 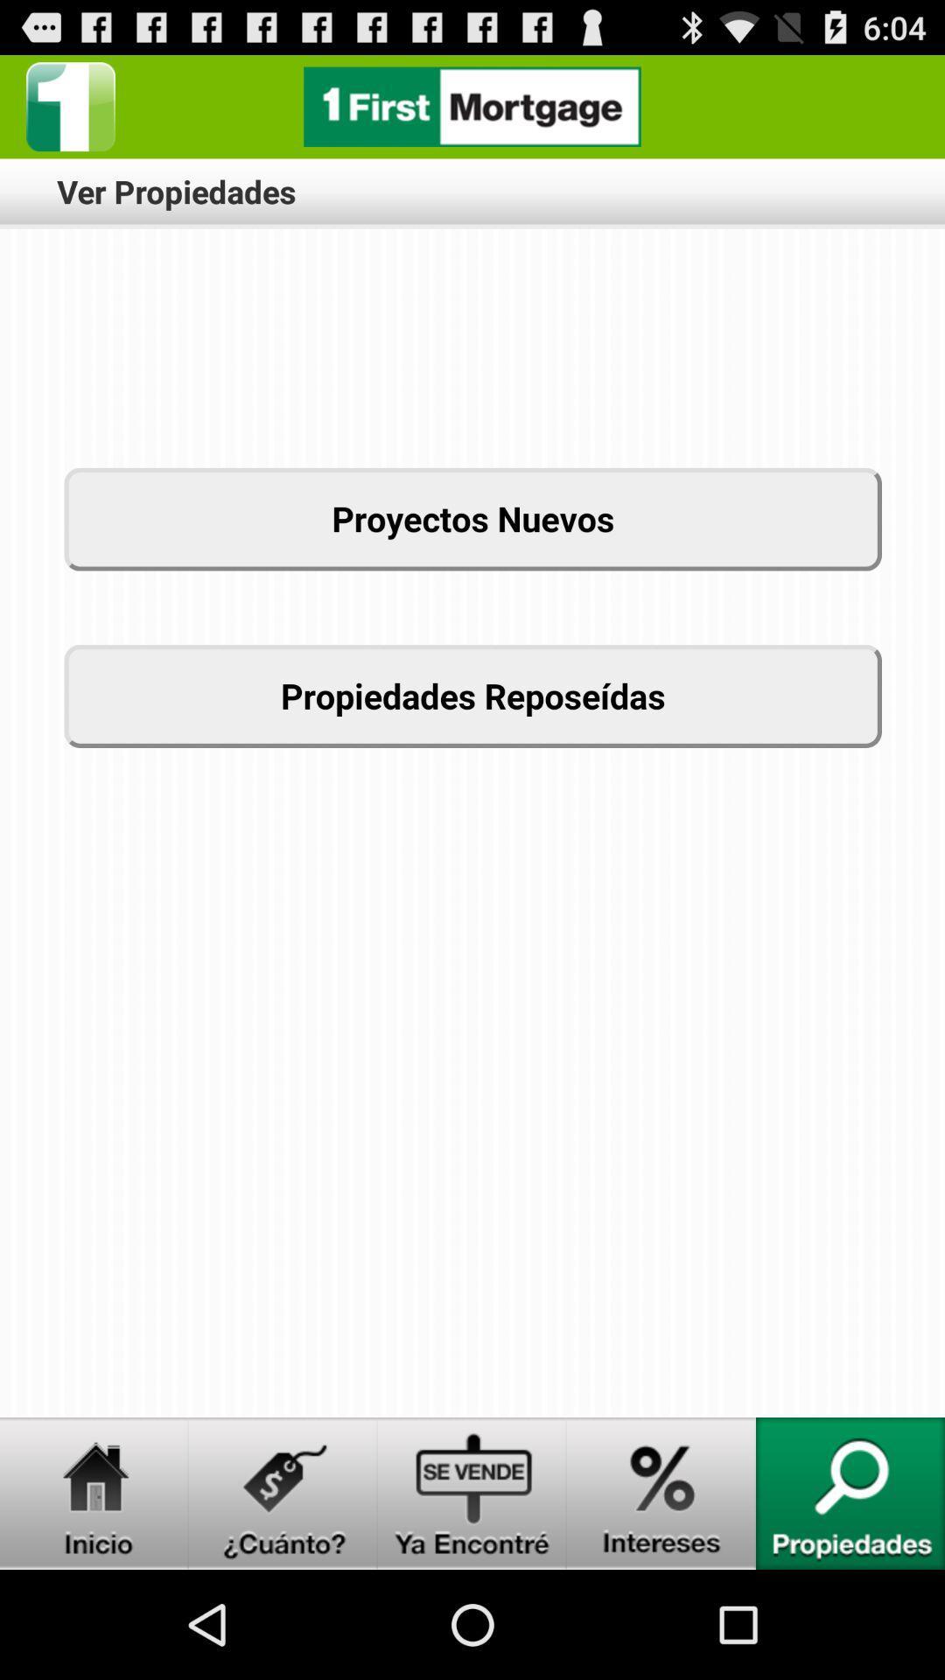 What do you see at coordinates (850, 1493) in the screenshot?
I see `search` at bounding box center [850, 1493].